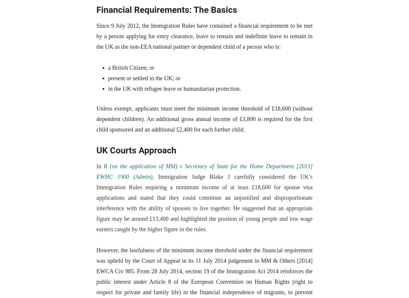 Image resolution: width=409 pixels, height=298 pixels. What do you see at coordinates (108, 88) in the screenshot?
I see `'in the UK with refugee leave or humanitarian protection.'` at bounding box center [108, 88].